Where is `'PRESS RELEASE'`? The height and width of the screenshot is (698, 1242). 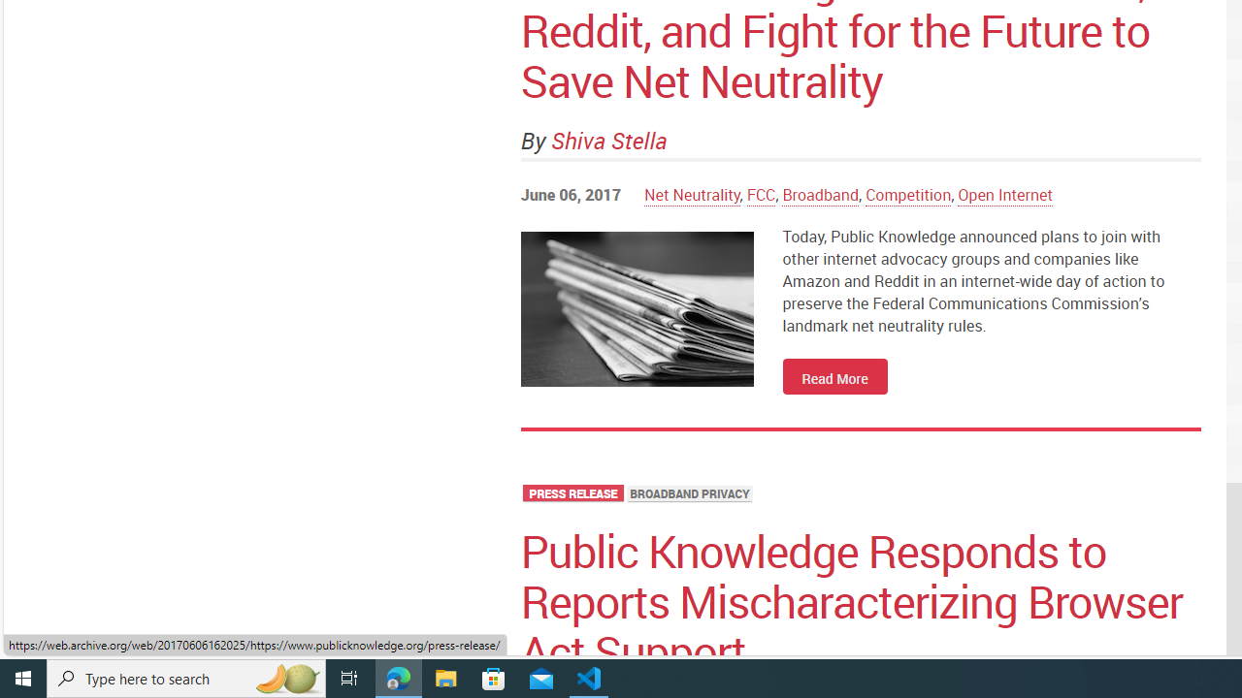
'PRESS RELEASE' is located at coordinates (572, 492).